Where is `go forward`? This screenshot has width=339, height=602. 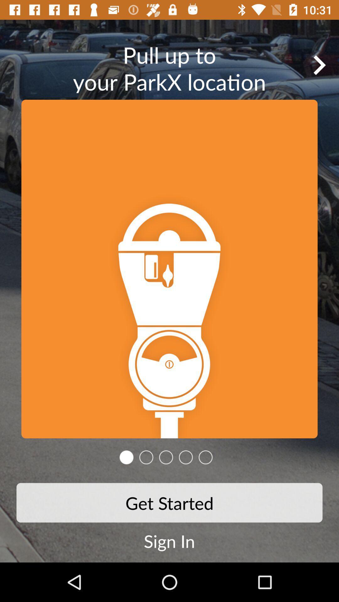 go forward is located at coordinates (319, 65).